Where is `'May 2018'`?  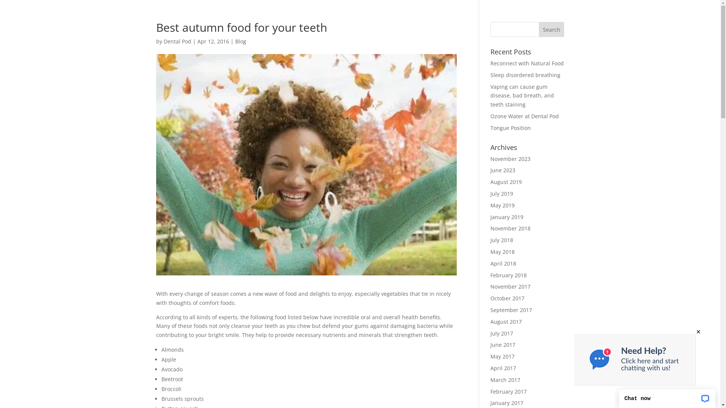 'May 2018' is located at coordinates (503, 252).